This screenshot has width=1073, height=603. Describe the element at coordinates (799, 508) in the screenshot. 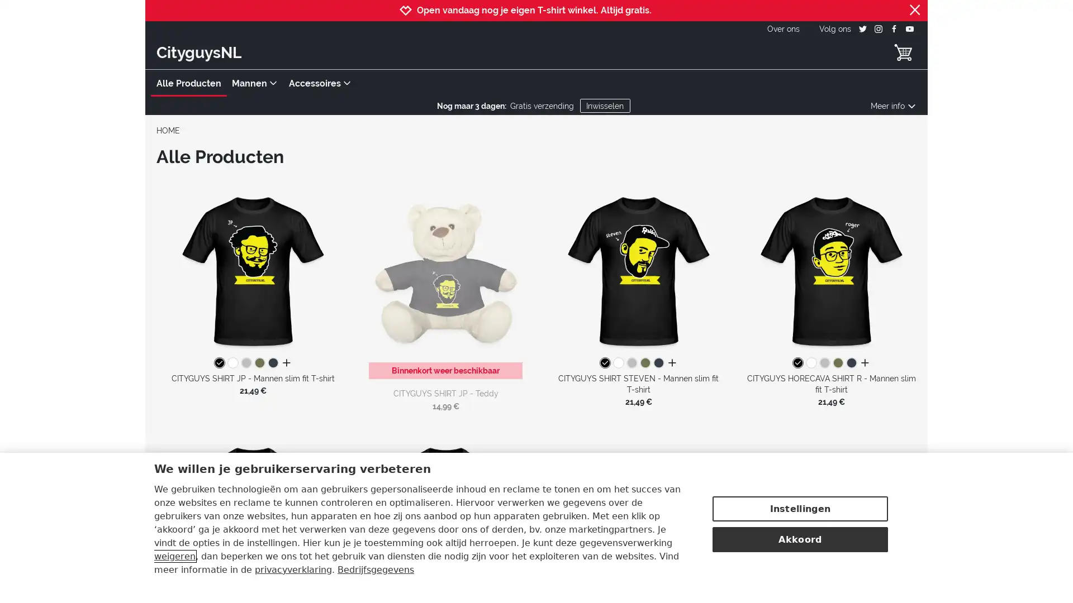

I see `Instellingen` at that location.